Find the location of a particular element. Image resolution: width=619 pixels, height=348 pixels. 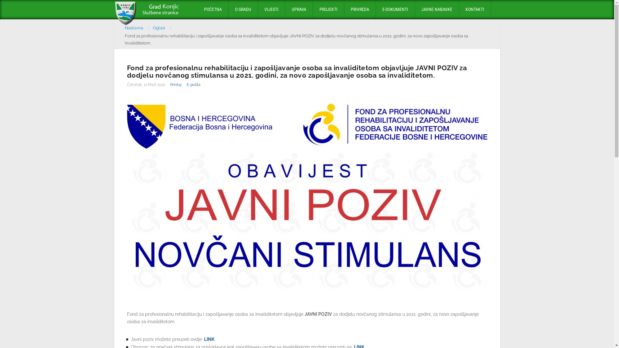

'Oglasi' is located at coordinates (152, 28).